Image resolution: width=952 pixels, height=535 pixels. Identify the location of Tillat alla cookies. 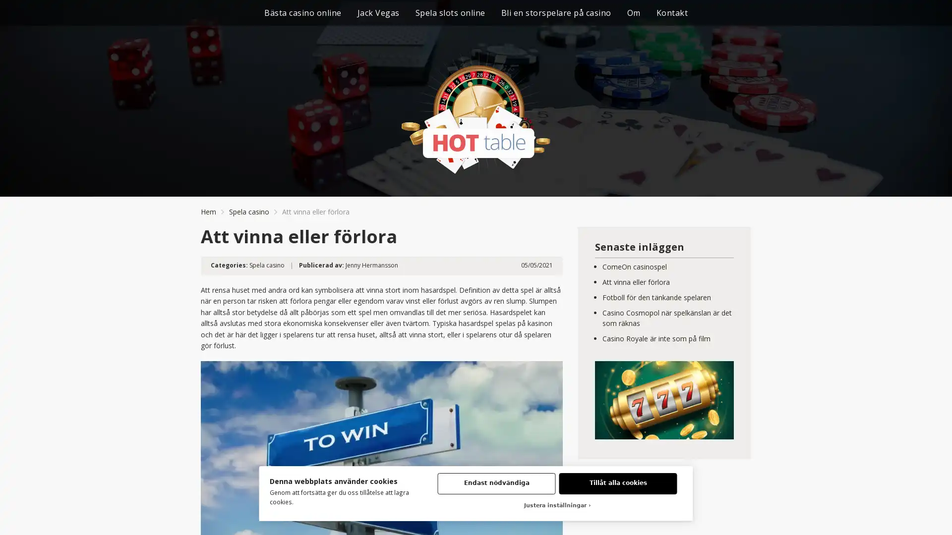
(617, 482).